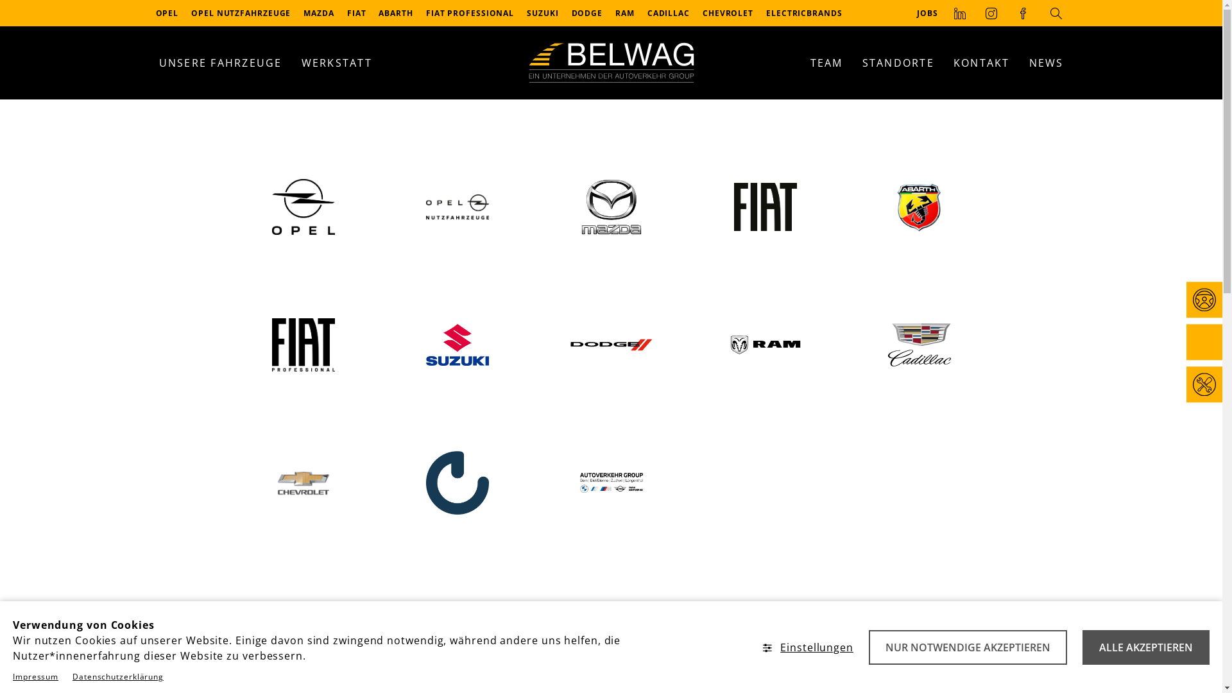 The width and height of the screenshot is (1232, 693). I want to click on 'LinkedIn', so click(960, 12).